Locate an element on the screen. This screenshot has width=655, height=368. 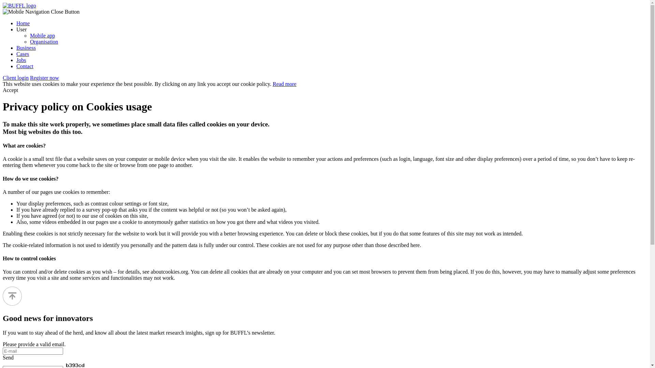
'Read more' is located at coordinates (285, 83).